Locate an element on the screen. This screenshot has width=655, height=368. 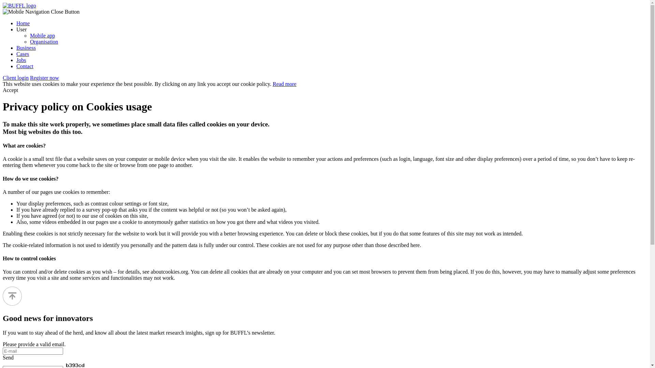
'Read more' is located at coordinates (285, 83).